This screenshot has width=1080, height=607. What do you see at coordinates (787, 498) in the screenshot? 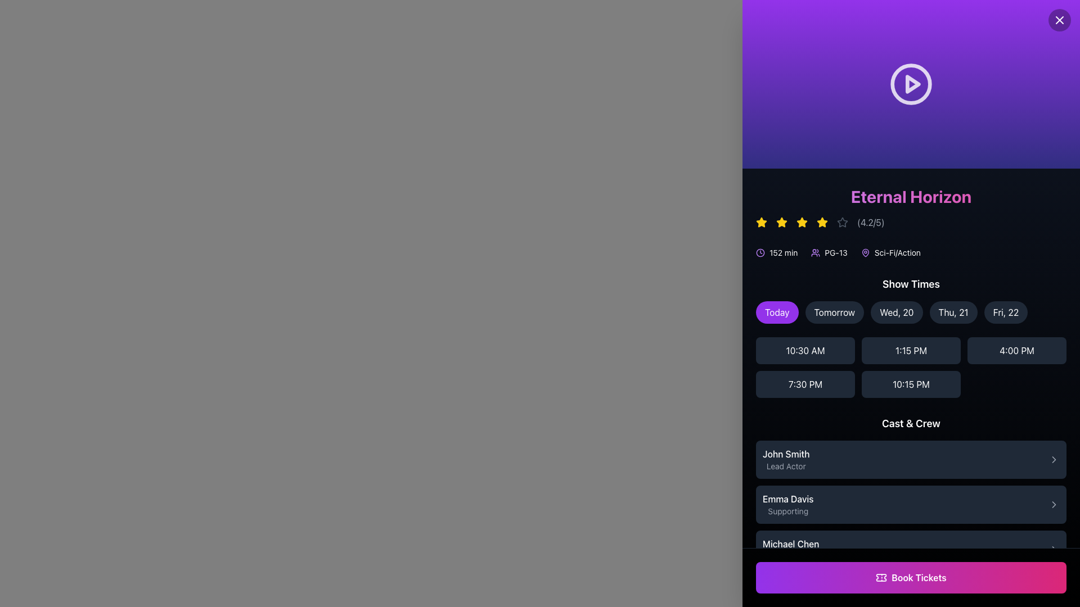
I see `the 'Supporting' text label that identifies the cast member's name, located in the 'Cast & Crew' section between 'John Smith - Lead Actor' and 'Michael Chen'` at bounding box center [787, 498].